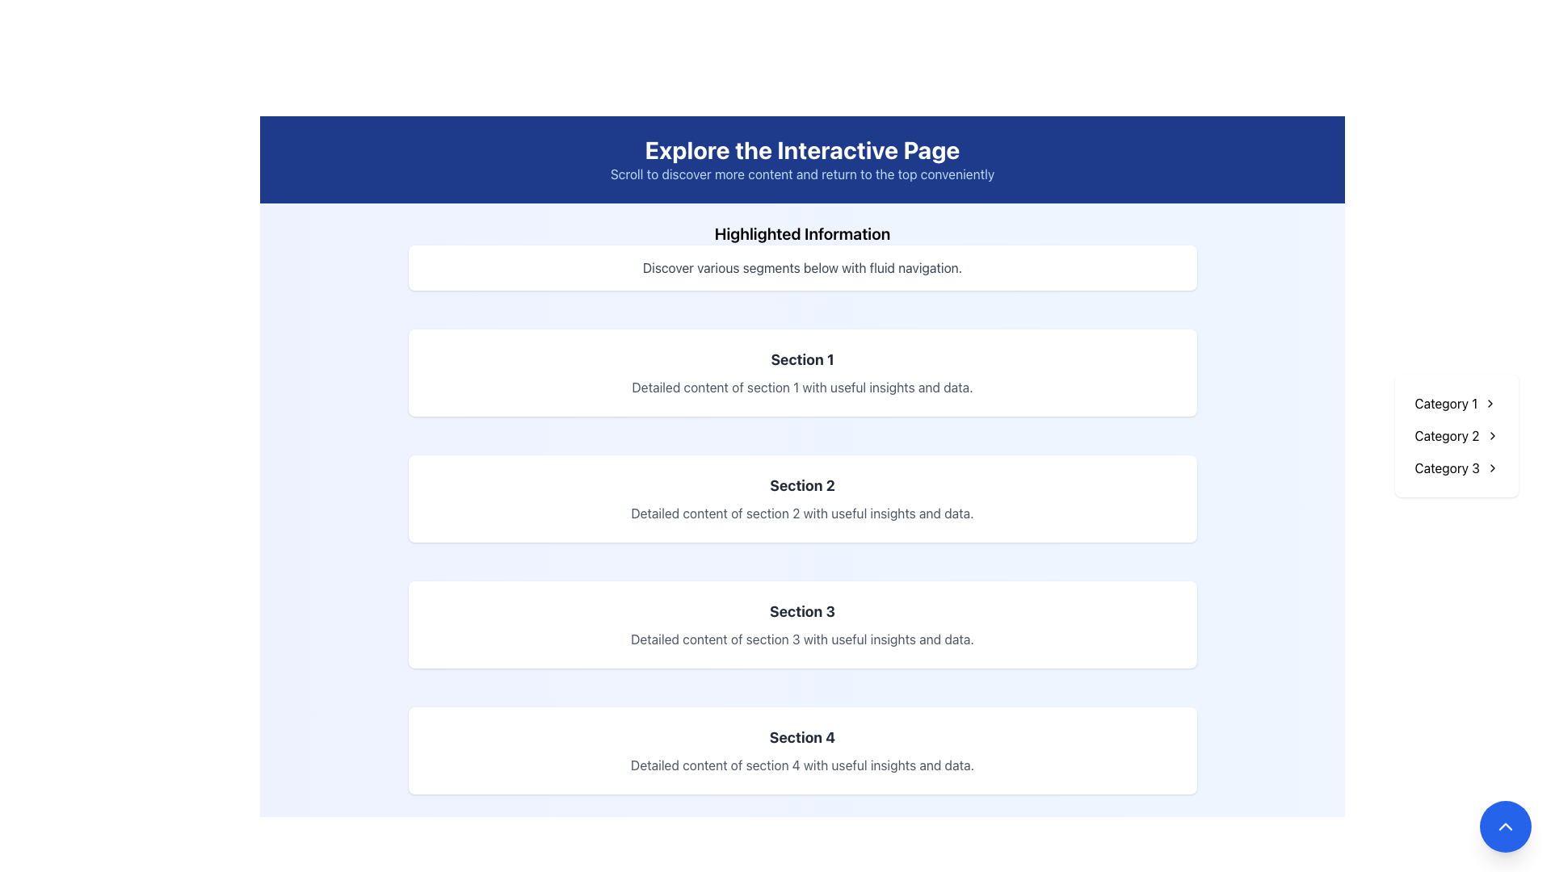  What do you see at coordinates (1504, 826) in the screenshot?
I see `the scroll-to-top button located at the bottom-right corner of the interface` at bounding box center [1504, 826].